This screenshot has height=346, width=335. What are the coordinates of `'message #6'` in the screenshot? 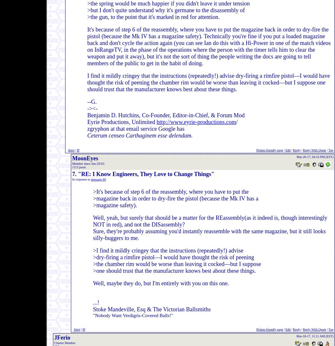 It's located at (98, 179).